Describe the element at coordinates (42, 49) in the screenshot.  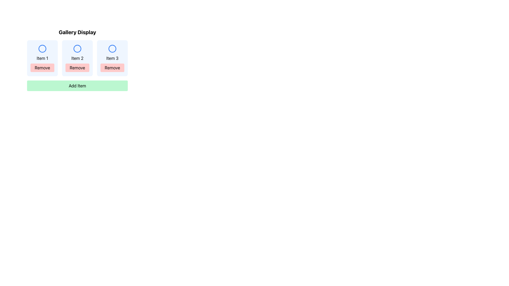
I see `the visual marker icon associated with the 'Item 1' card, positioned at the top of the card` at that location.